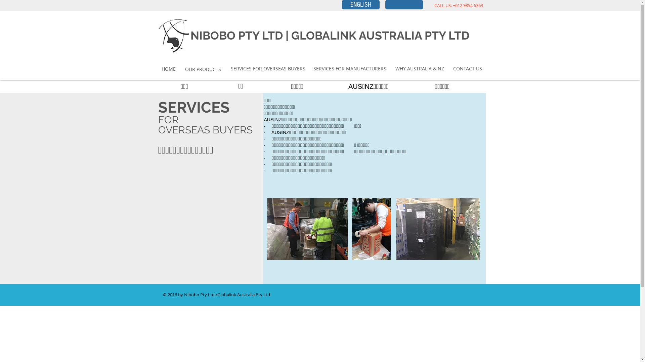 This screenshot has height=362, width=645. What do you see at coordinates (267, 68) in the screenshot?
I see `'SERVICES FOR OVERSEAS BUYERS'` at bounding box center [267, 68].